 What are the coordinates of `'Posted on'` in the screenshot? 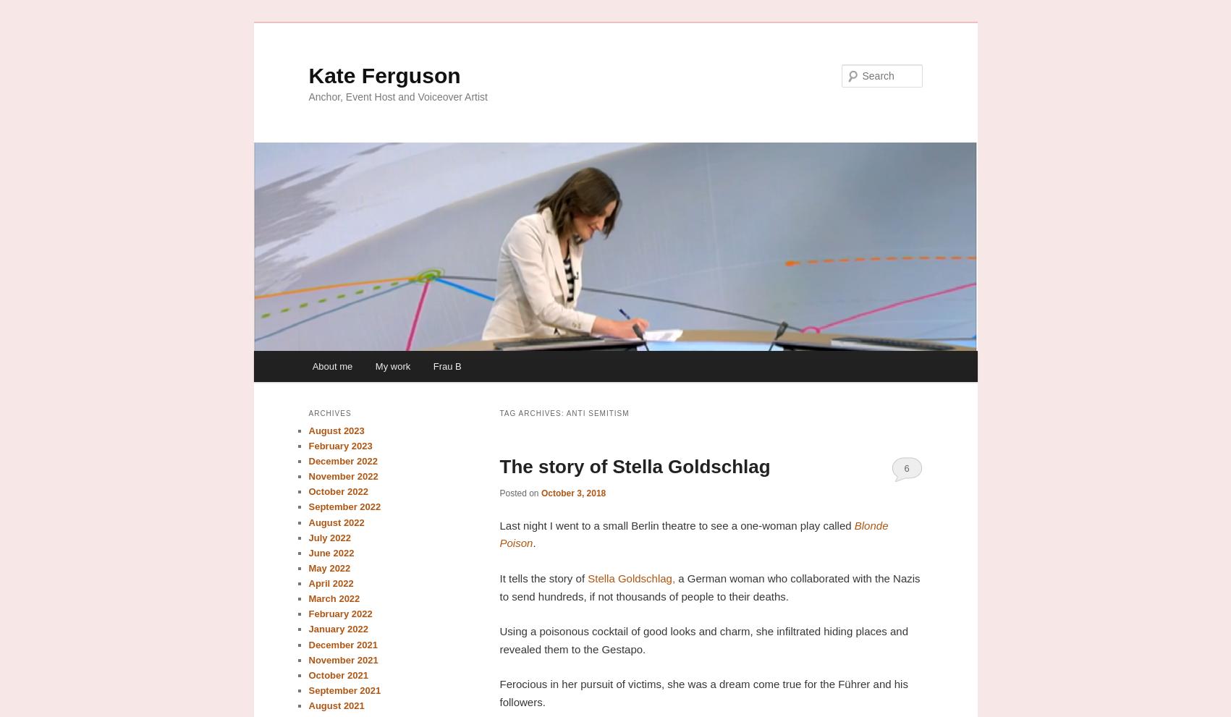 It's located at (498, 493).